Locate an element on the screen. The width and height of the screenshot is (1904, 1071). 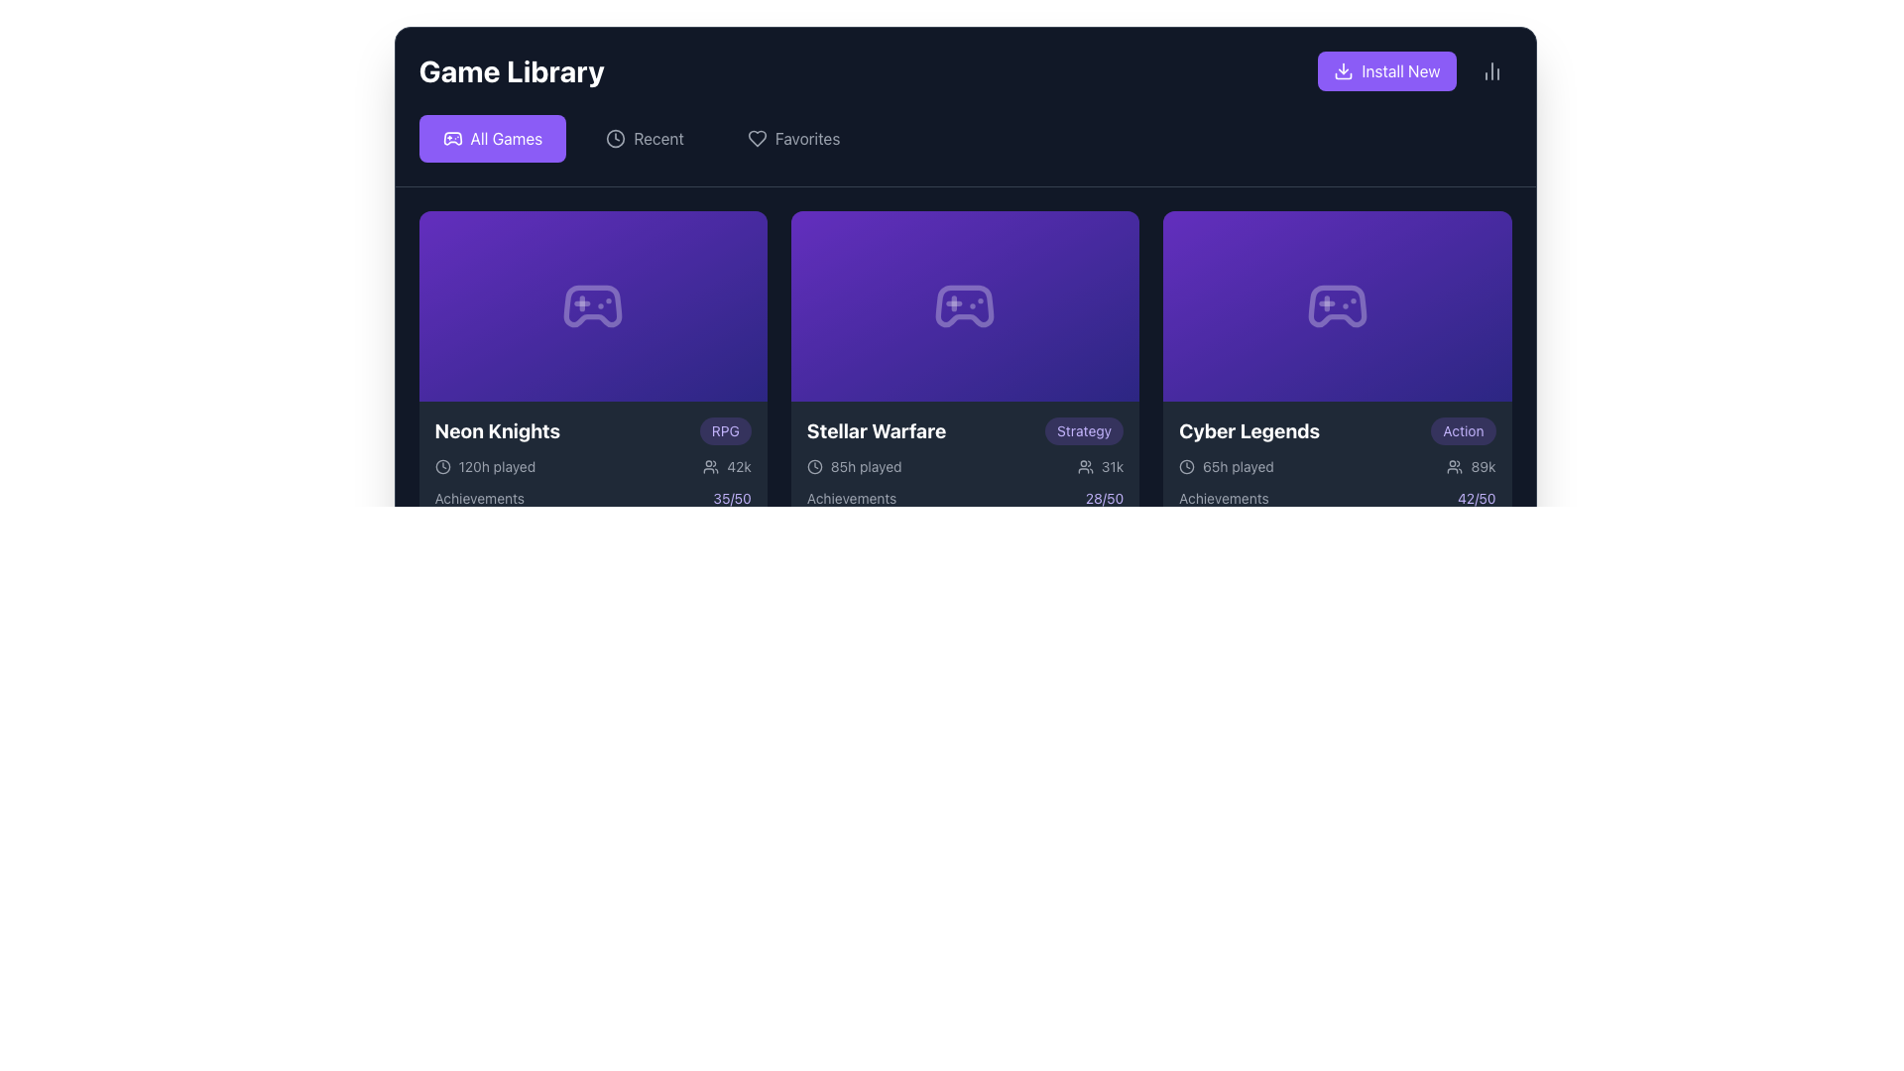
the circular Icon component located in the 'Recent' menu item, positioned between the 'All Games' button and the 'Favorites' icon is located at coordinates (615, 137).